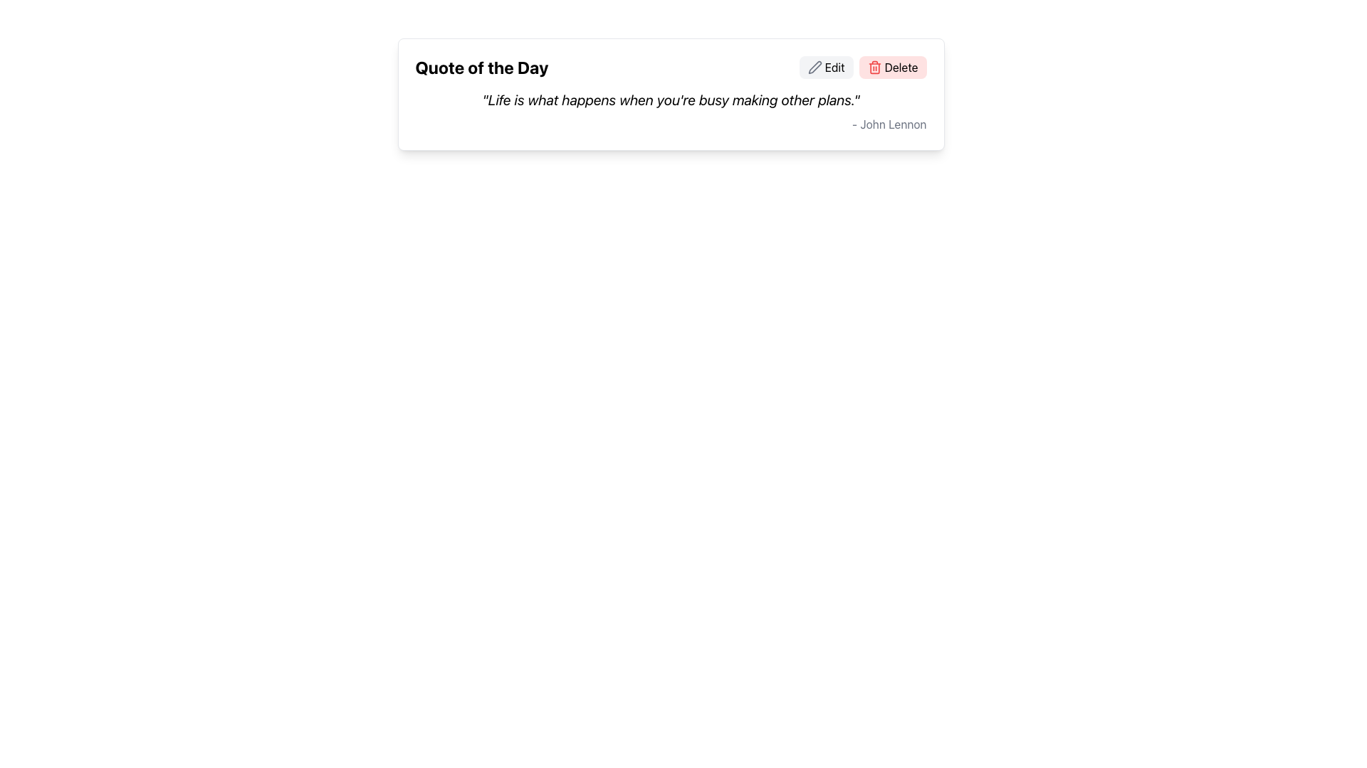 This screenshot has height=768, width=1367. I want to click on the 'Edit' icon located to the left of the 'Edit' text label in the upper right corner of the card displaying the 'Quote of the Day', so click(815, 68).